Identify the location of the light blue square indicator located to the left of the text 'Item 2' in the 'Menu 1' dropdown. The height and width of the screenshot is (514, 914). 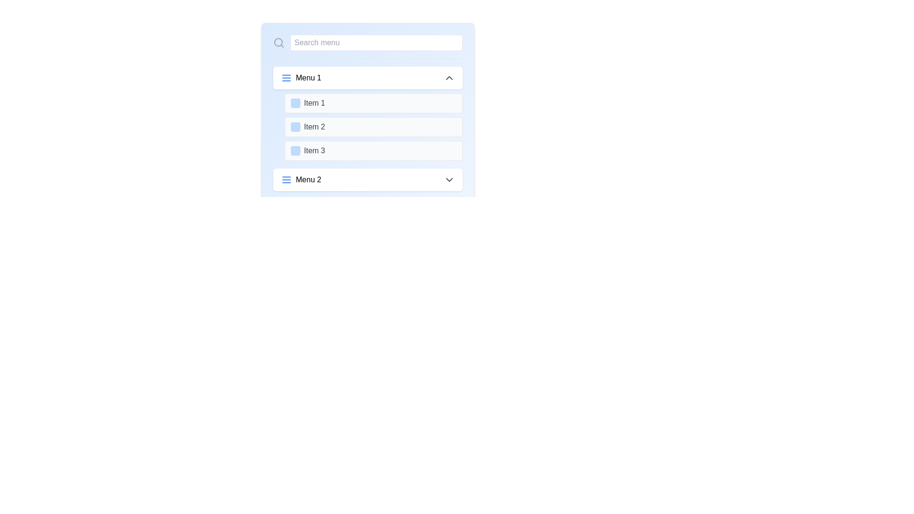
(295, 126).